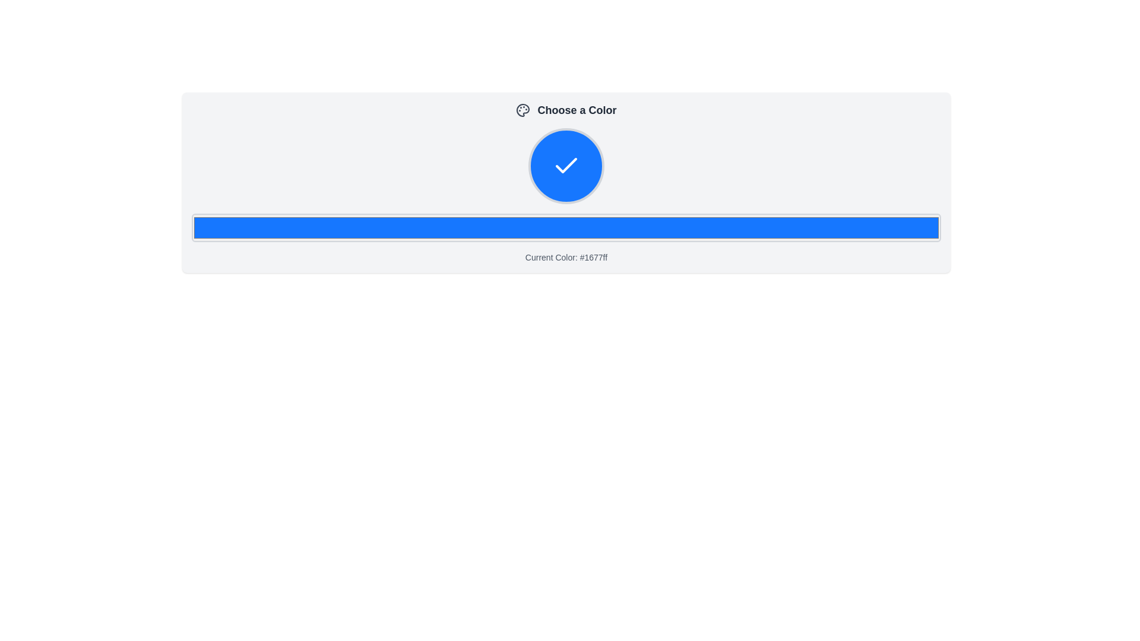 The image size is (1140, 641). What do you see at coordinates (566, 166) in the screenshot?
I see `the confirmation success icon, which is centered within a blue circular button located near the top center of the interface, indicating a completed operation` at bounding box center [566, 166].